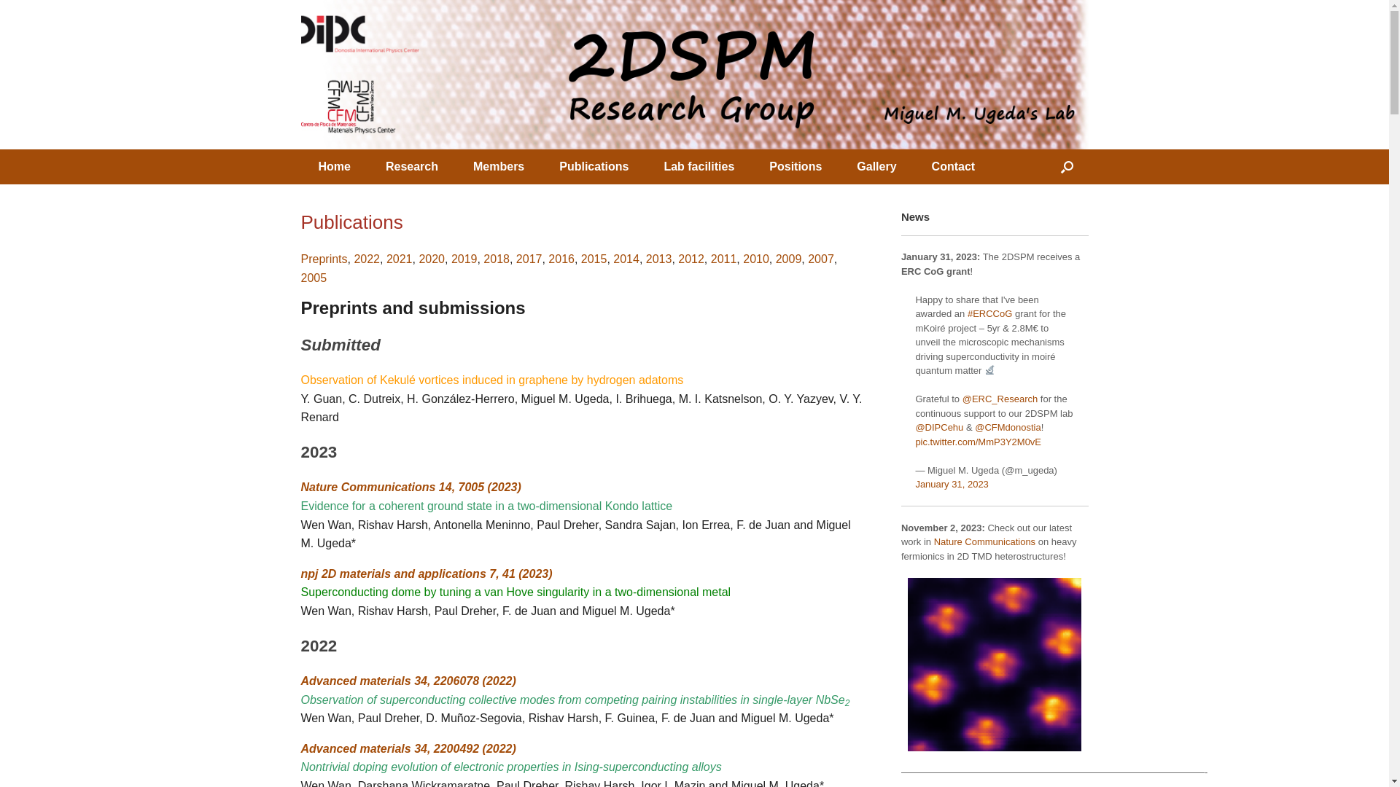  What do you see at coordinates (984, 541) in the screenshot?
I see `'Nature Communications'` at bounding box center [984, 541].